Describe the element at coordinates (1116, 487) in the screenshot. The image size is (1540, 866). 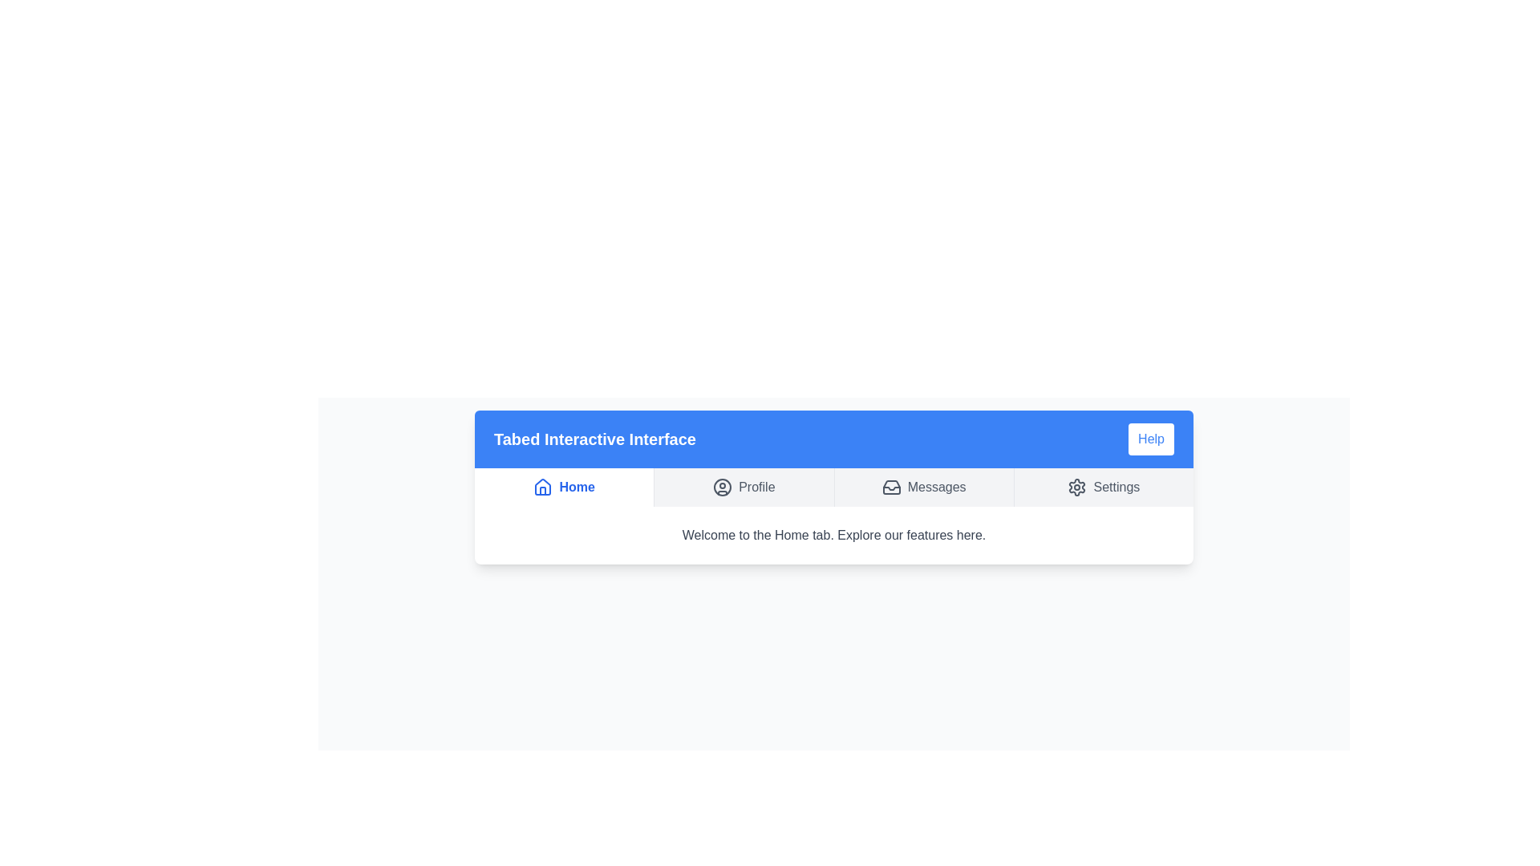
I see `the 'Settings' text label located at the far right of the horizontal navigation toolbar, next to the gear icon` at that location.